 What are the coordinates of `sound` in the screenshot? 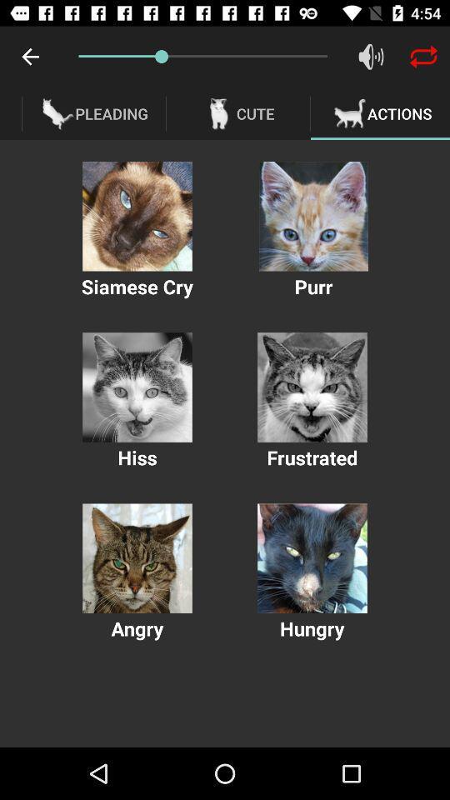 It's located at (371, 57).